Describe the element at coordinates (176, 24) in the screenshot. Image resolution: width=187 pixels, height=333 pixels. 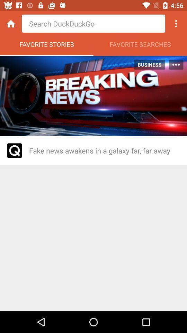
I see `the app above favorite searches item` at that location.